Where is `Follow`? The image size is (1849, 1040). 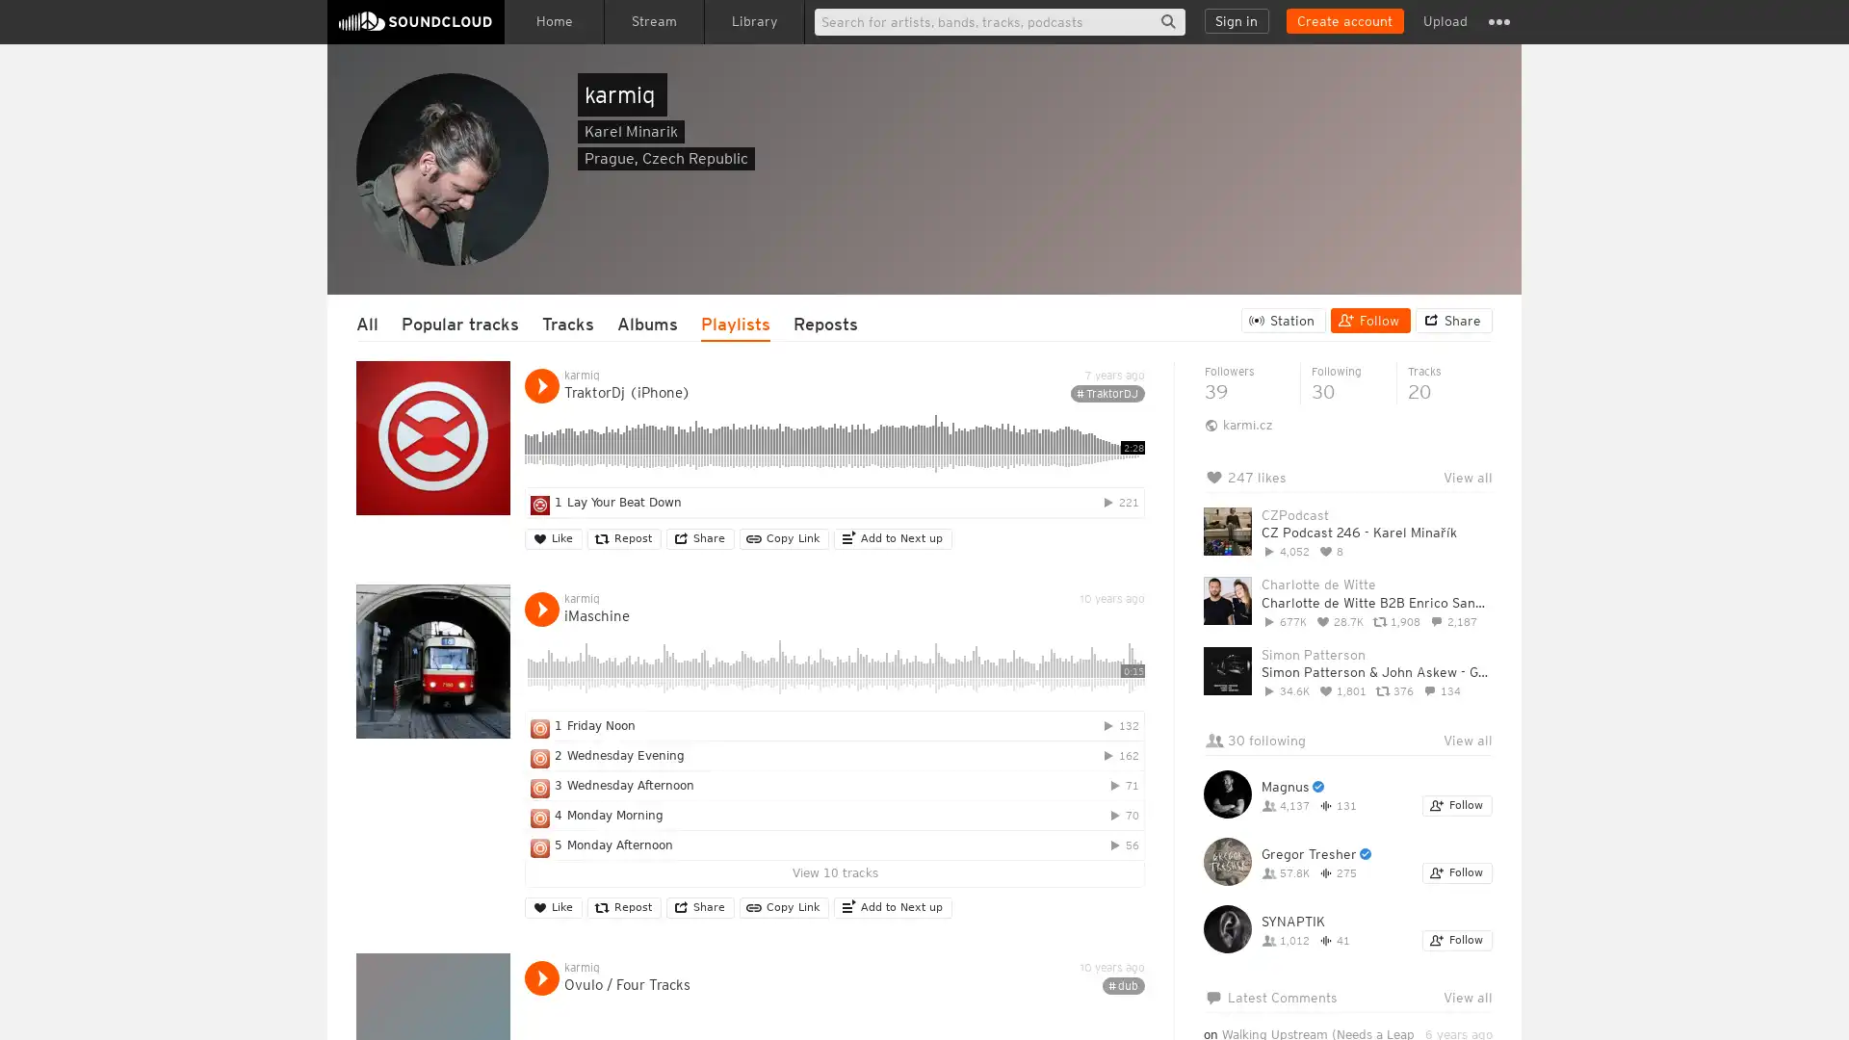
Follow is located at coordinates (1457, 872).